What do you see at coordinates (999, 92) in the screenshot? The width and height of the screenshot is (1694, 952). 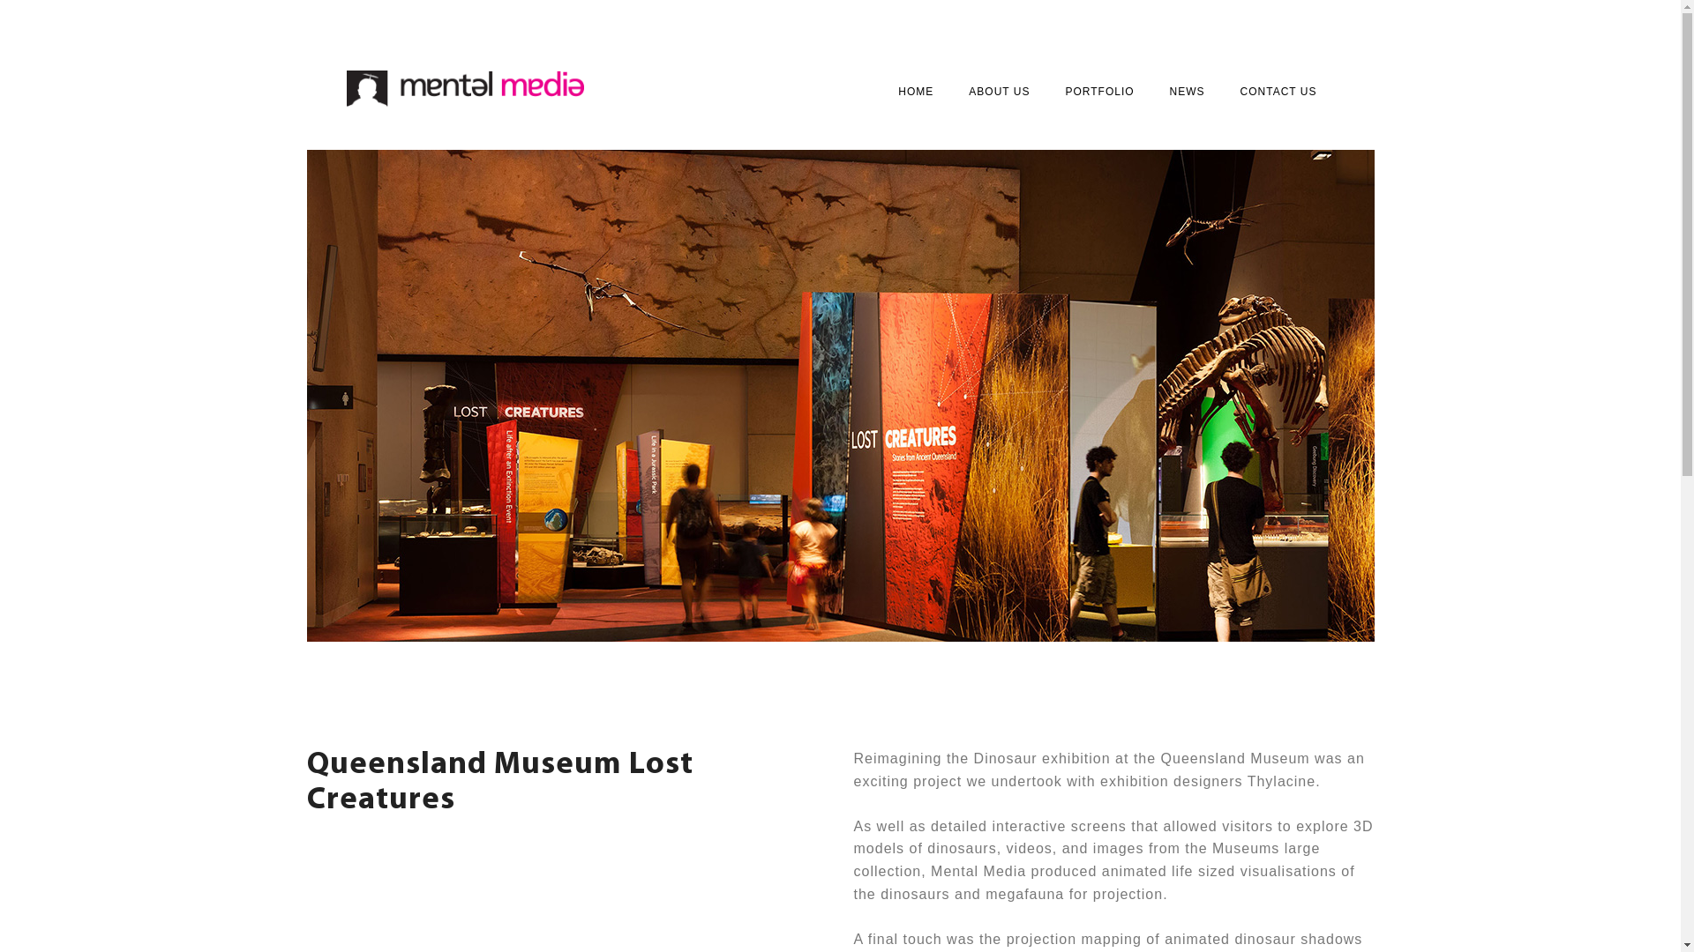 I see `'ABOUT US'` at bounding box center [999, 92].